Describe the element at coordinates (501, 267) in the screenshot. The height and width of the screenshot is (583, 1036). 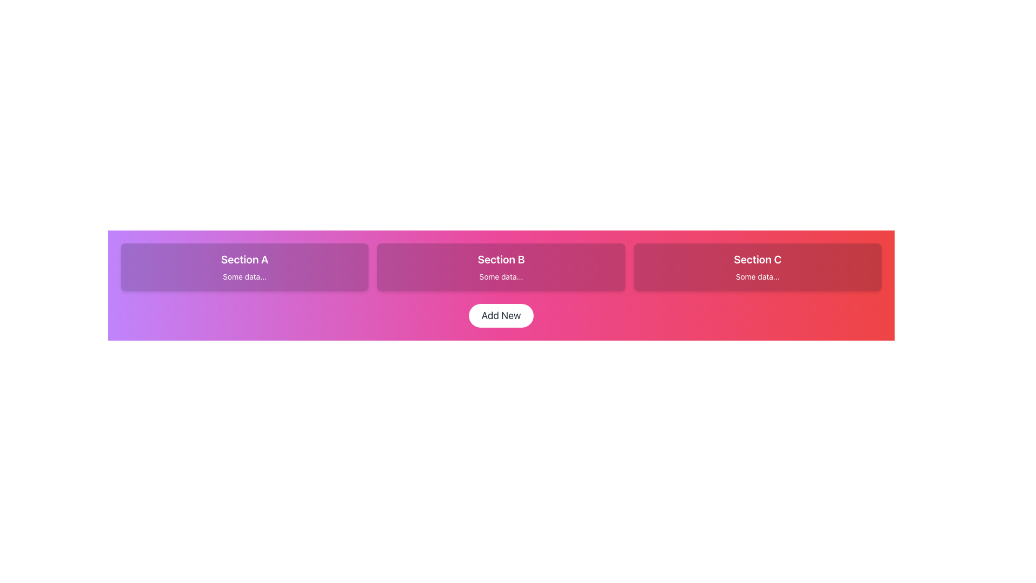
I see `the 'Section B' Card` at that location.